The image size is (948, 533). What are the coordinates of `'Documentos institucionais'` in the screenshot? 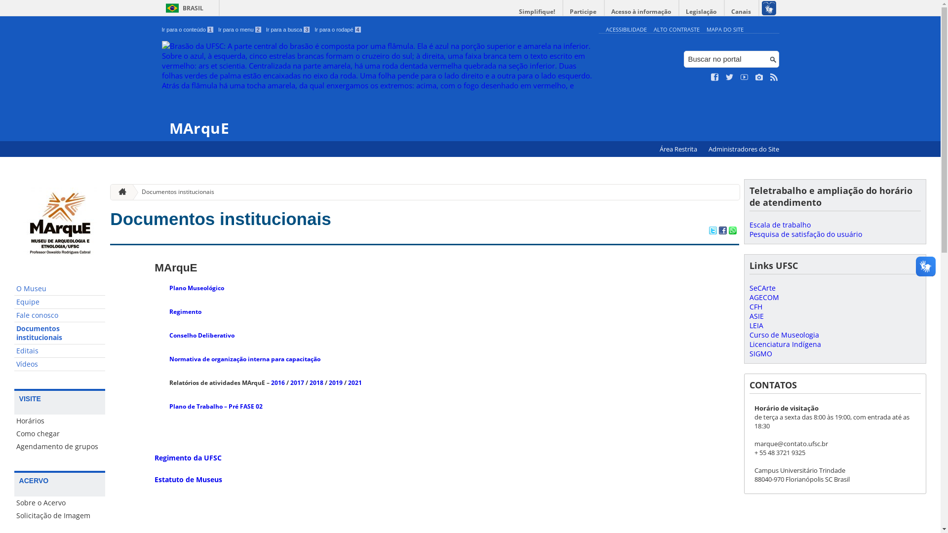 It's located at (129, 192).